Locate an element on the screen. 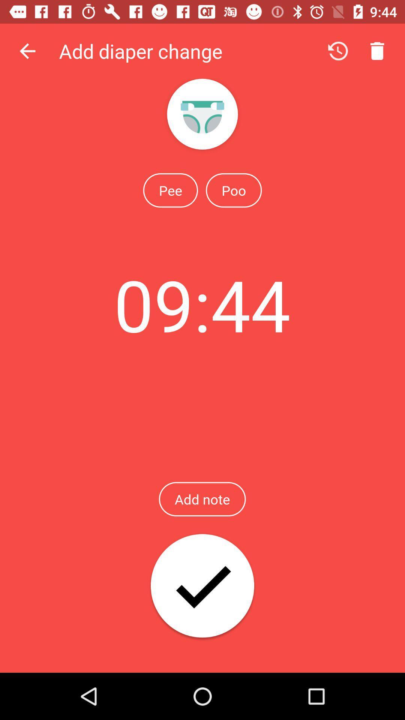  poo is located at coordinates (233, 190).